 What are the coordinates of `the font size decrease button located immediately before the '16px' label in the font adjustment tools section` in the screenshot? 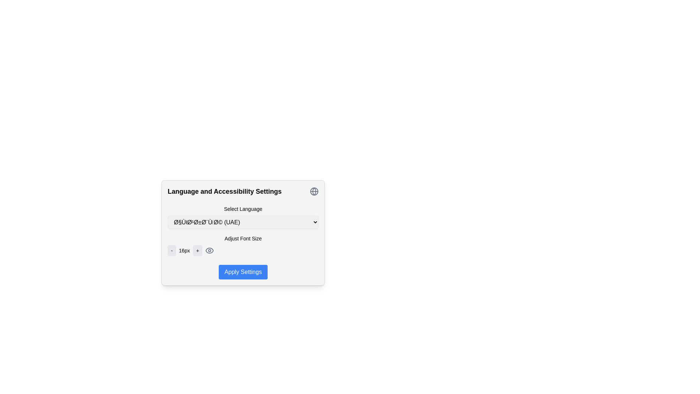 It's located at (171, 250).